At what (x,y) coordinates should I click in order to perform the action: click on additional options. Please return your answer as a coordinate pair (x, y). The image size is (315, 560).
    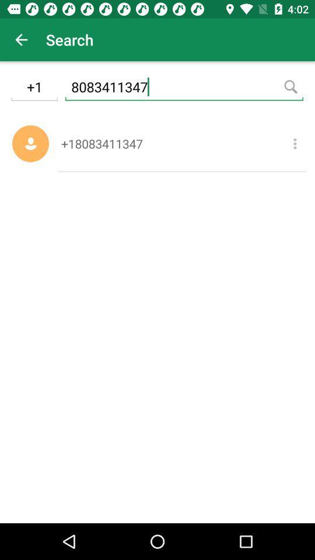
    Looking at the image, I should click on (294, 143).